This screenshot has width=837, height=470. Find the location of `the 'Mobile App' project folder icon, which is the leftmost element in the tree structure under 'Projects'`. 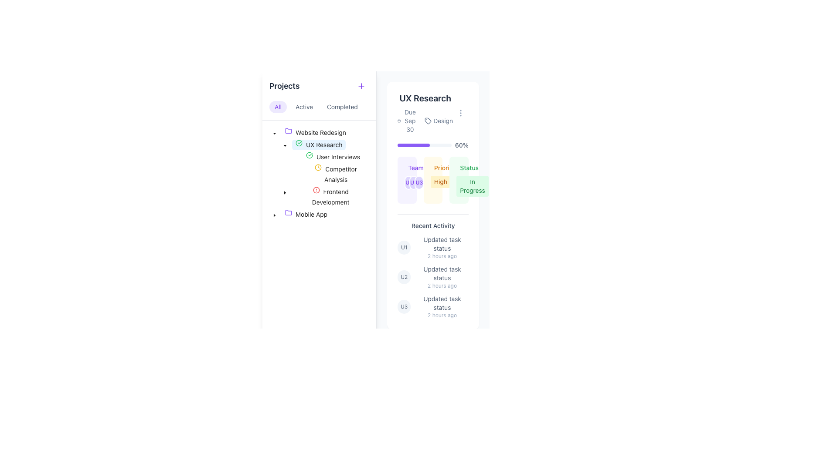

the 'Mobile App' project folder icon, which is the leftmost element in the tree structure under 'Projects' is located at coordinates (290, 215).